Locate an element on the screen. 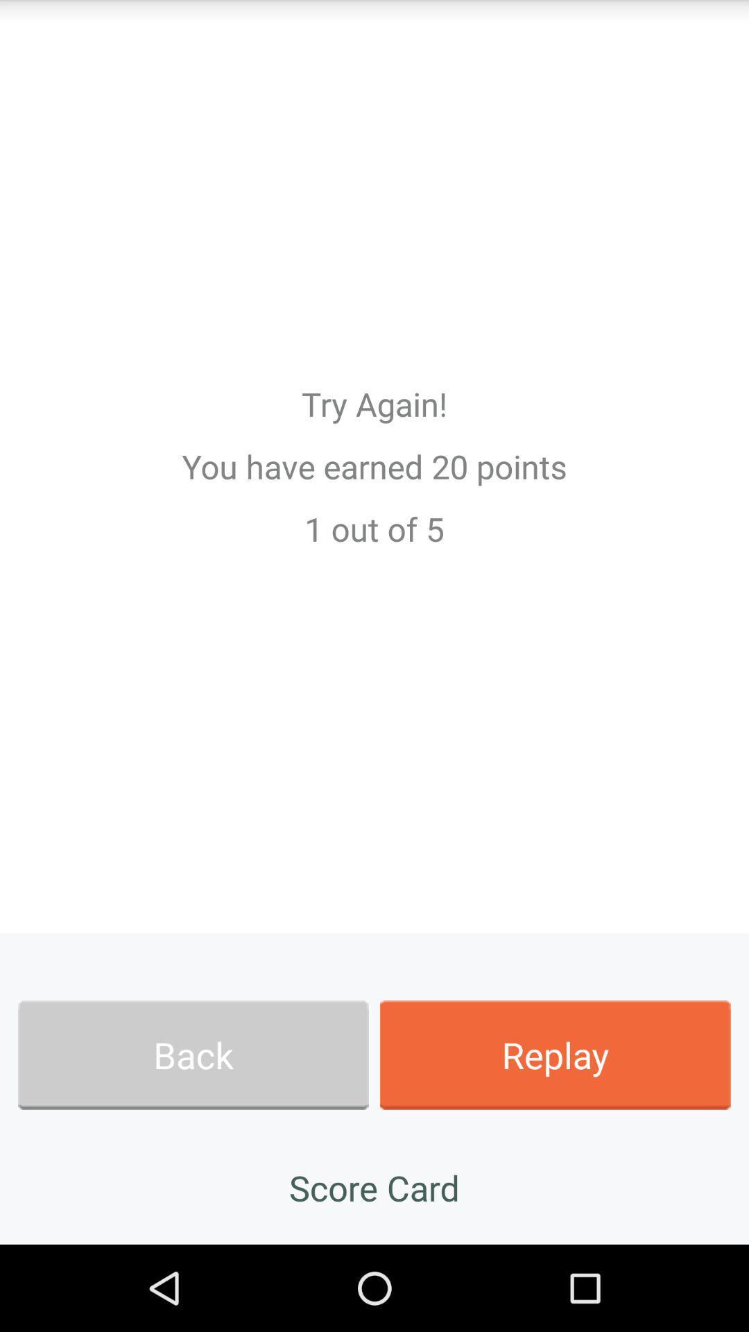 This screenshot has width=749, height=1332. the app above the score card item is located at coordinates (555, 1054).